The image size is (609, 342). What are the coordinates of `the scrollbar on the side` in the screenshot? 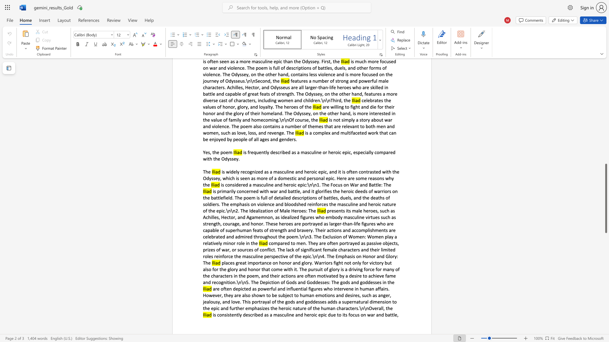 It's located at (606, 158).